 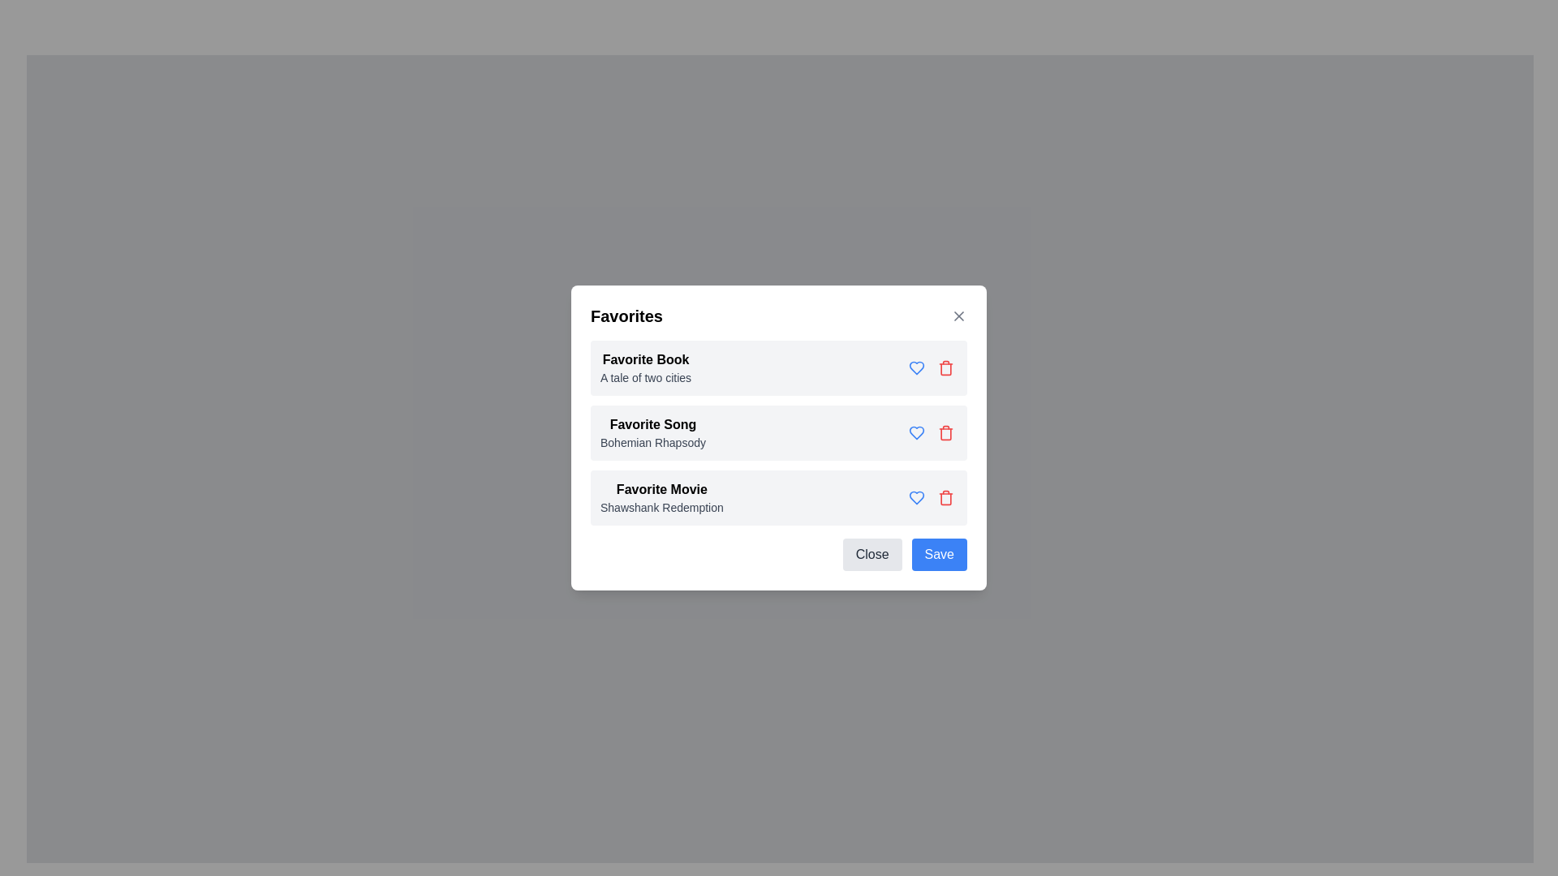 What do you see at coordinates (946, 496) in the screenshot?
I see `the red trash icon button for delete action, which is the second interactive component on the right side of the 'Favorite Movie' row in the modal` at bounding box center [946, 496].